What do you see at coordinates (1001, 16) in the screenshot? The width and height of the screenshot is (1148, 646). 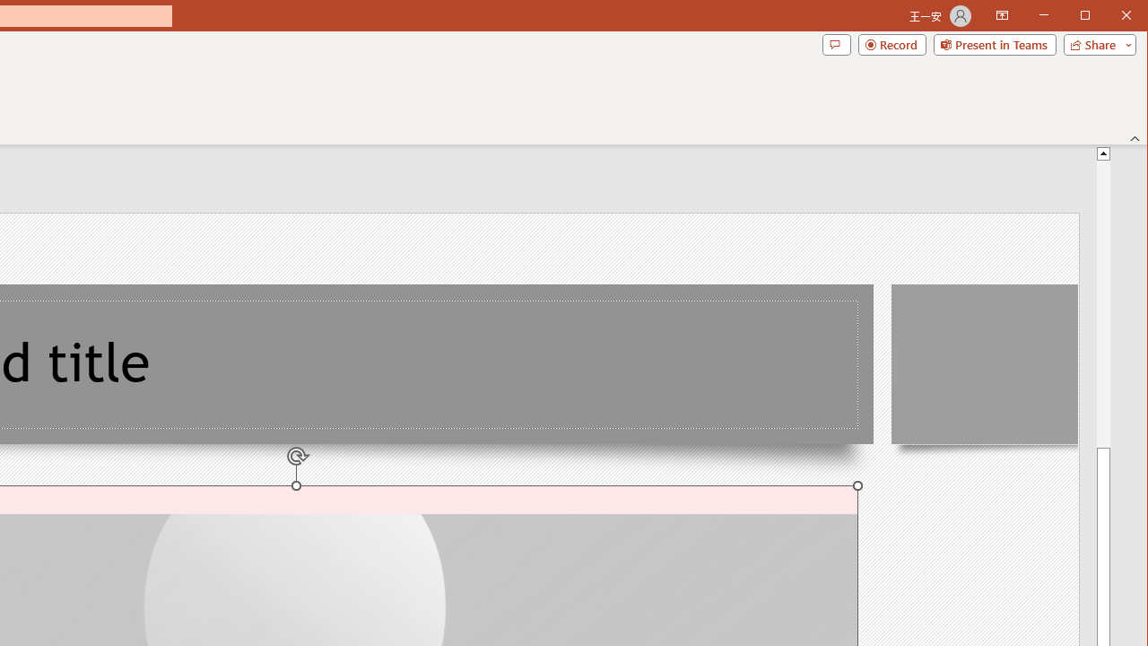 I see `'Ribbon Display Options'` at bounding box center [1001, 16].